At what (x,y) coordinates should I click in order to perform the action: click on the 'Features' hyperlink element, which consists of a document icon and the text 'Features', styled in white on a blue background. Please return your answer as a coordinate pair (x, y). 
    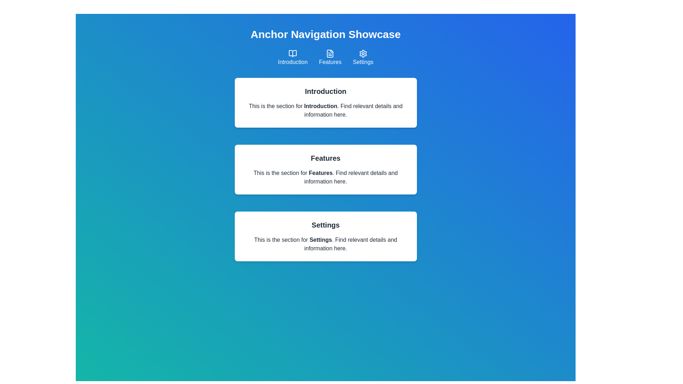
    Looking at the image, I should click on (330, 57).